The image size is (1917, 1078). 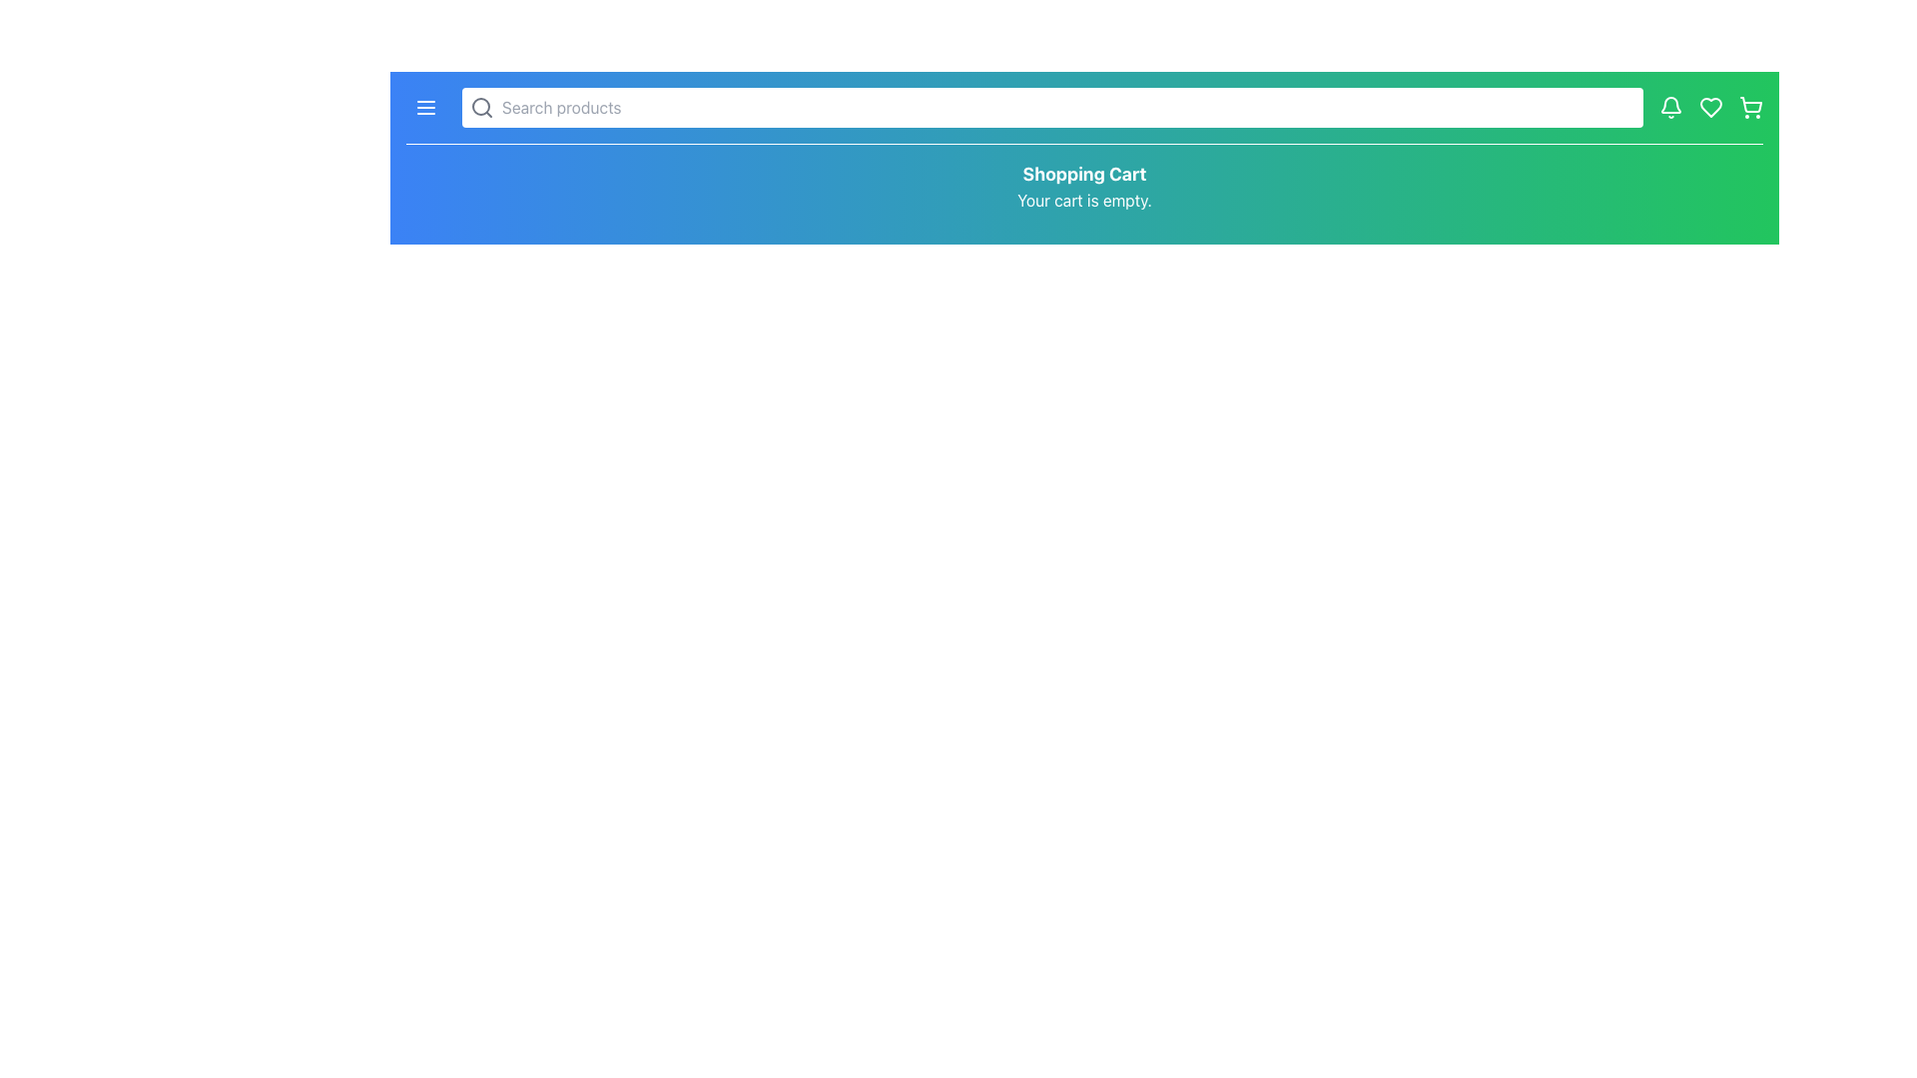 I want to click on the gray magnifying glass icon representing the search function located at the leftmost part of the search bar near the placeholder text 'Search products', so click(x=482, y=108).